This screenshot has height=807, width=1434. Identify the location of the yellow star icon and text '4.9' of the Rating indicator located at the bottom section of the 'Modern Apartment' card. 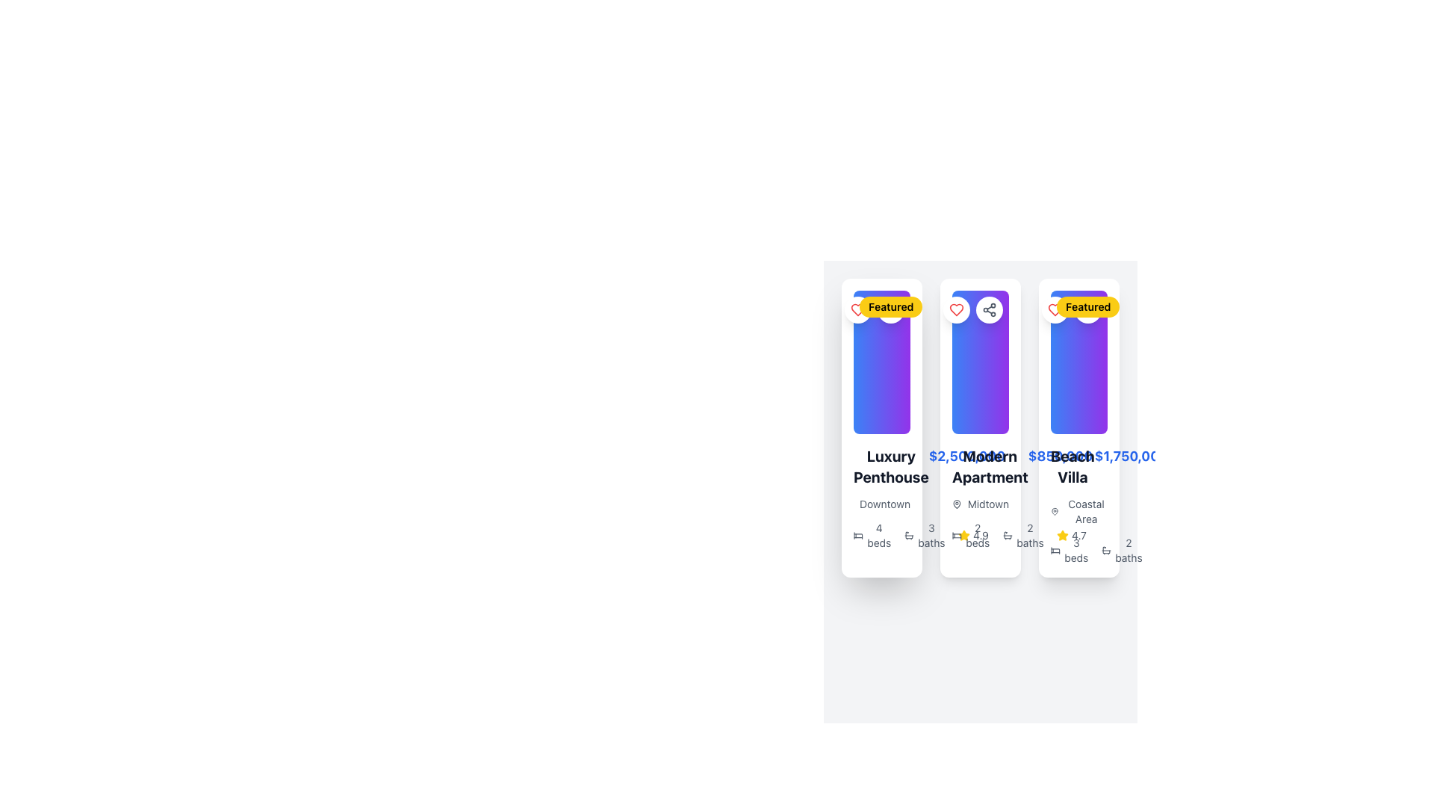
(973, 535).